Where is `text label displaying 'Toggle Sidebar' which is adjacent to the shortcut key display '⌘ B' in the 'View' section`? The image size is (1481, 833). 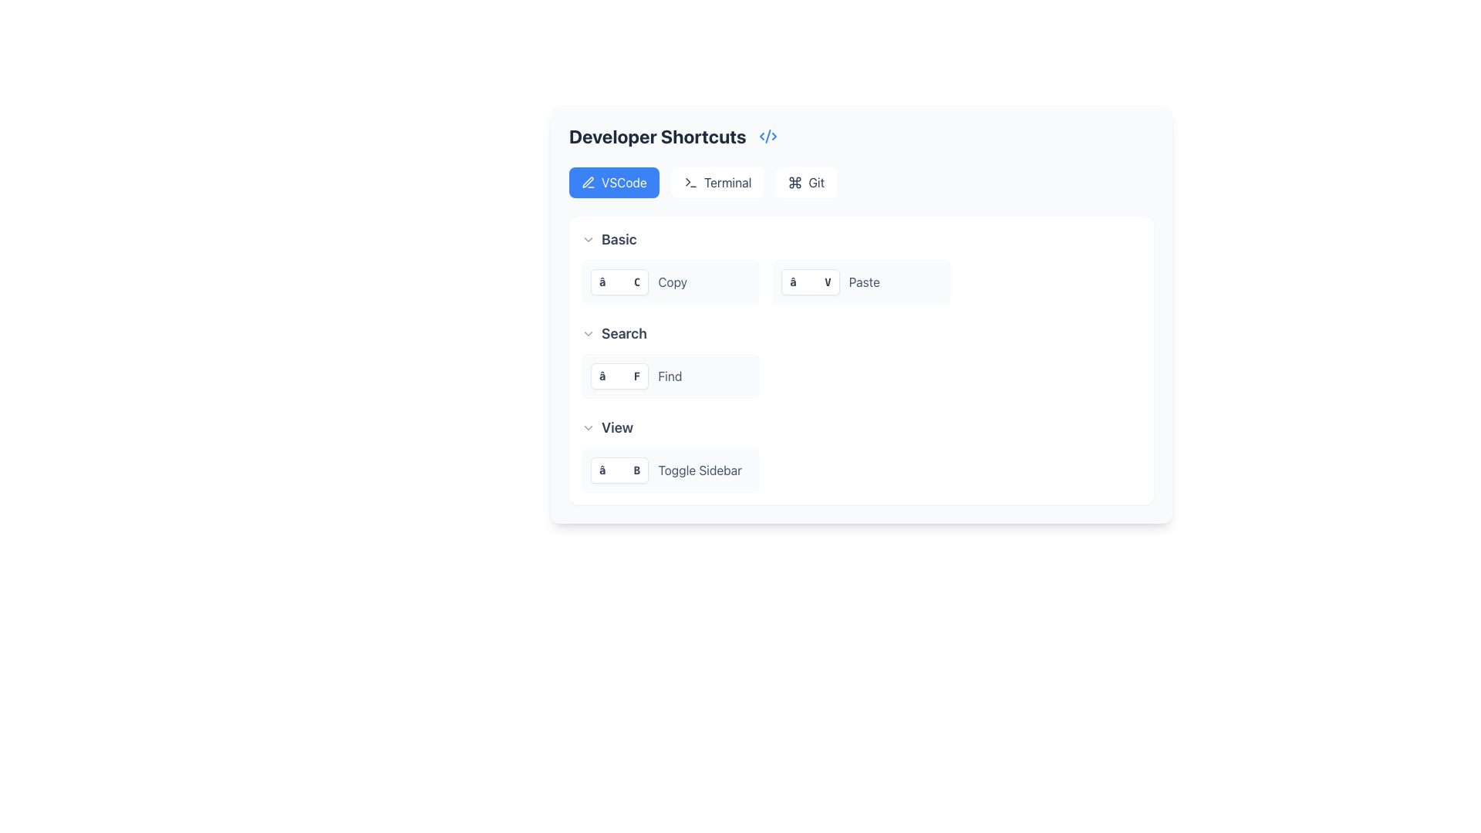
text label displaying 'Toggle Sidebar' which is adjacent to the shortcut key display '⌘ B' in the 'View' section is located at coordinates (699, 469).